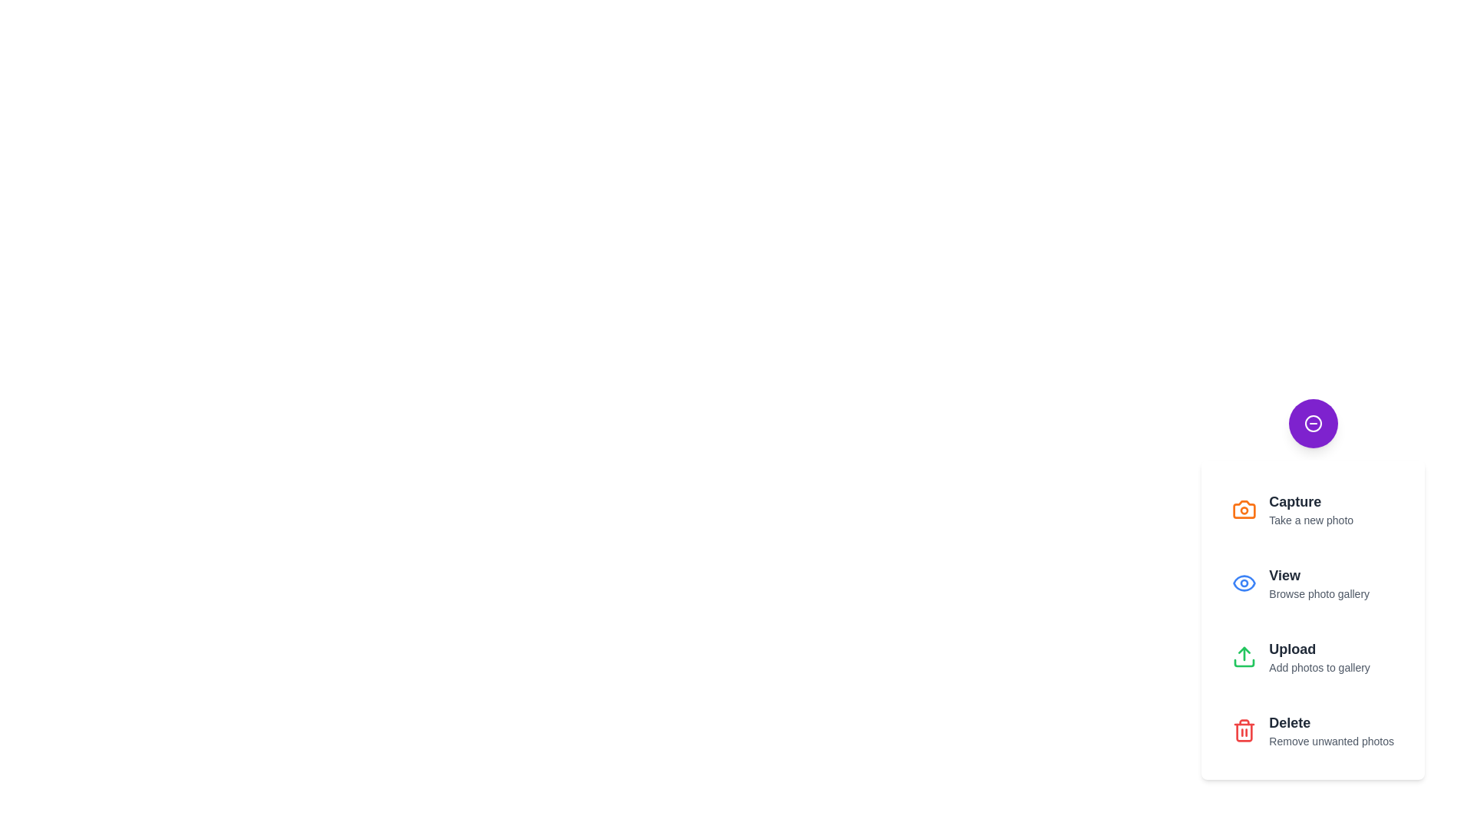 This screenshot has width=1474, height=829. I want to click on the 'Capture' button to initiate the 'Take a new photo' action, so click(1312, 509).